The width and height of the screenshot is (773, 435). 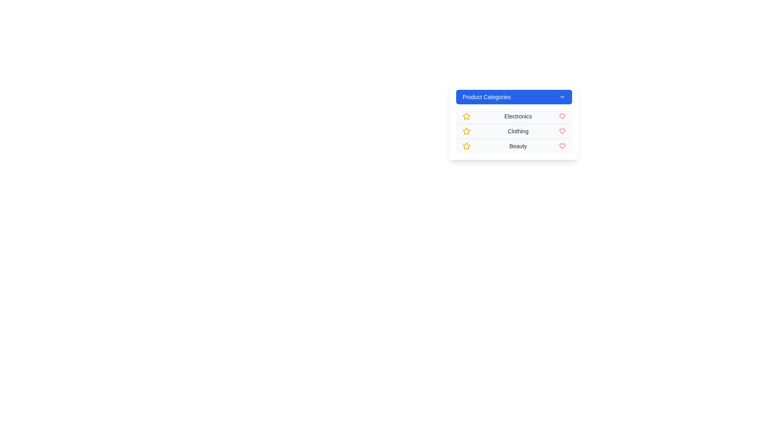 I want to click on the heart icon next to the Clothing category, so click(x=562, y=131).